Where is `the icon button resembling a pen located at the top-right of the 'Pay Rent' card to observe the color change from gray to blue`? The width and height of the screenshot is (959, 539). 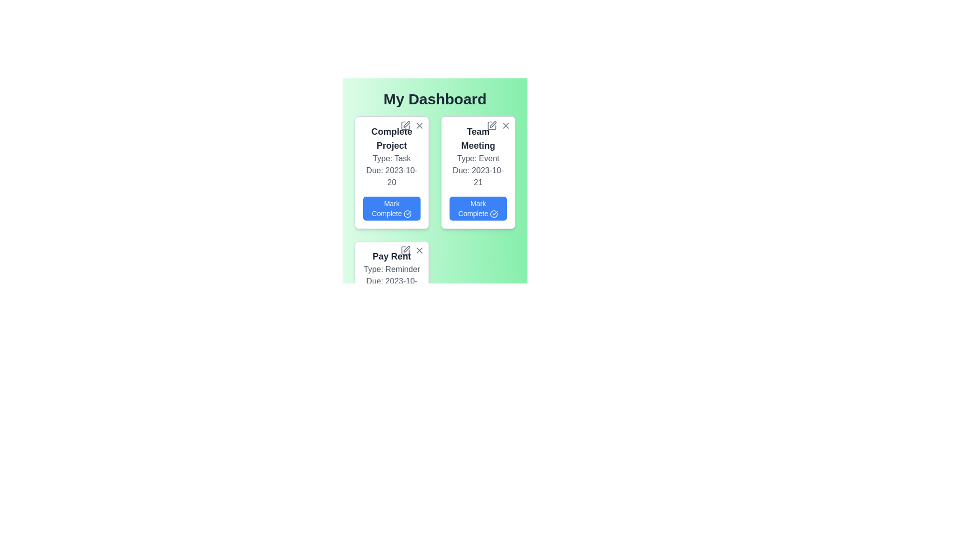 the icon button resembling a pen located at the top-right of the 'Pay Rent' card to observe the color change from gray to blue is located at coordinates (405, 250).